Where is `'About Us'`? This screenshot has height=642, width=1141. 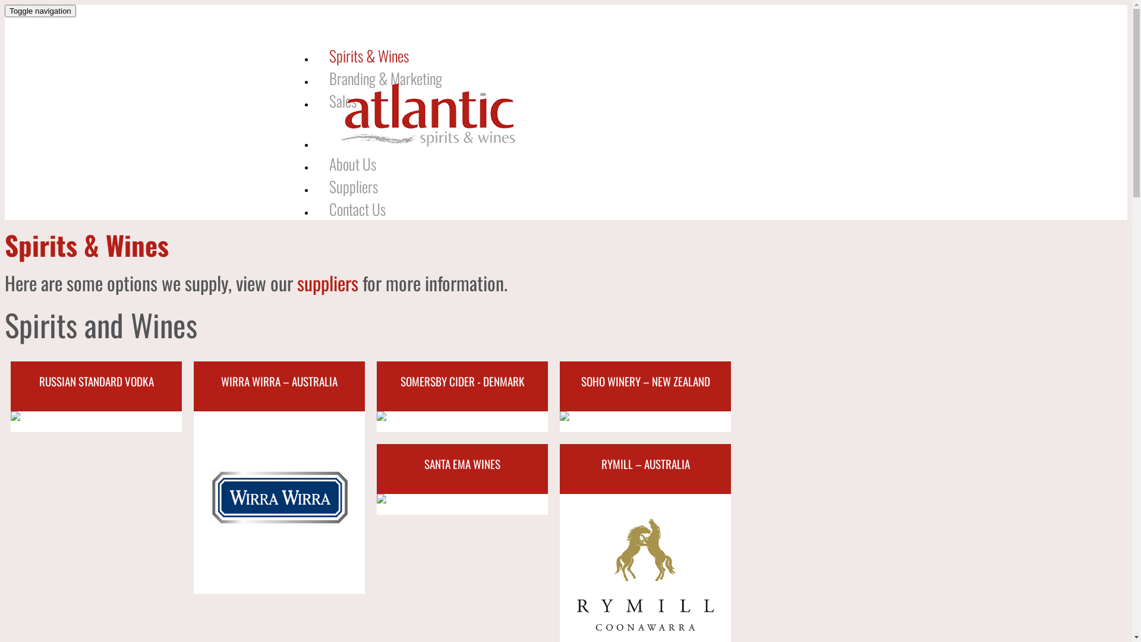
'About Us' is located at coordinates (351, 163).